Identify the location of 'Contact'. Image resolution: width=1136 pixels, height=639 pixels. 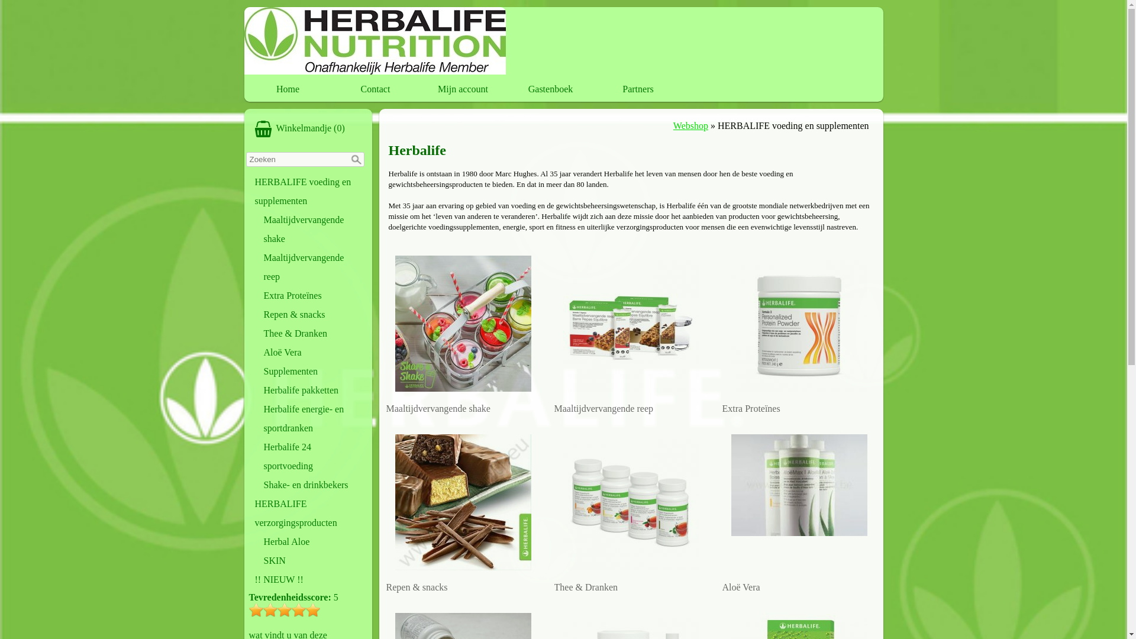
(375, 88).